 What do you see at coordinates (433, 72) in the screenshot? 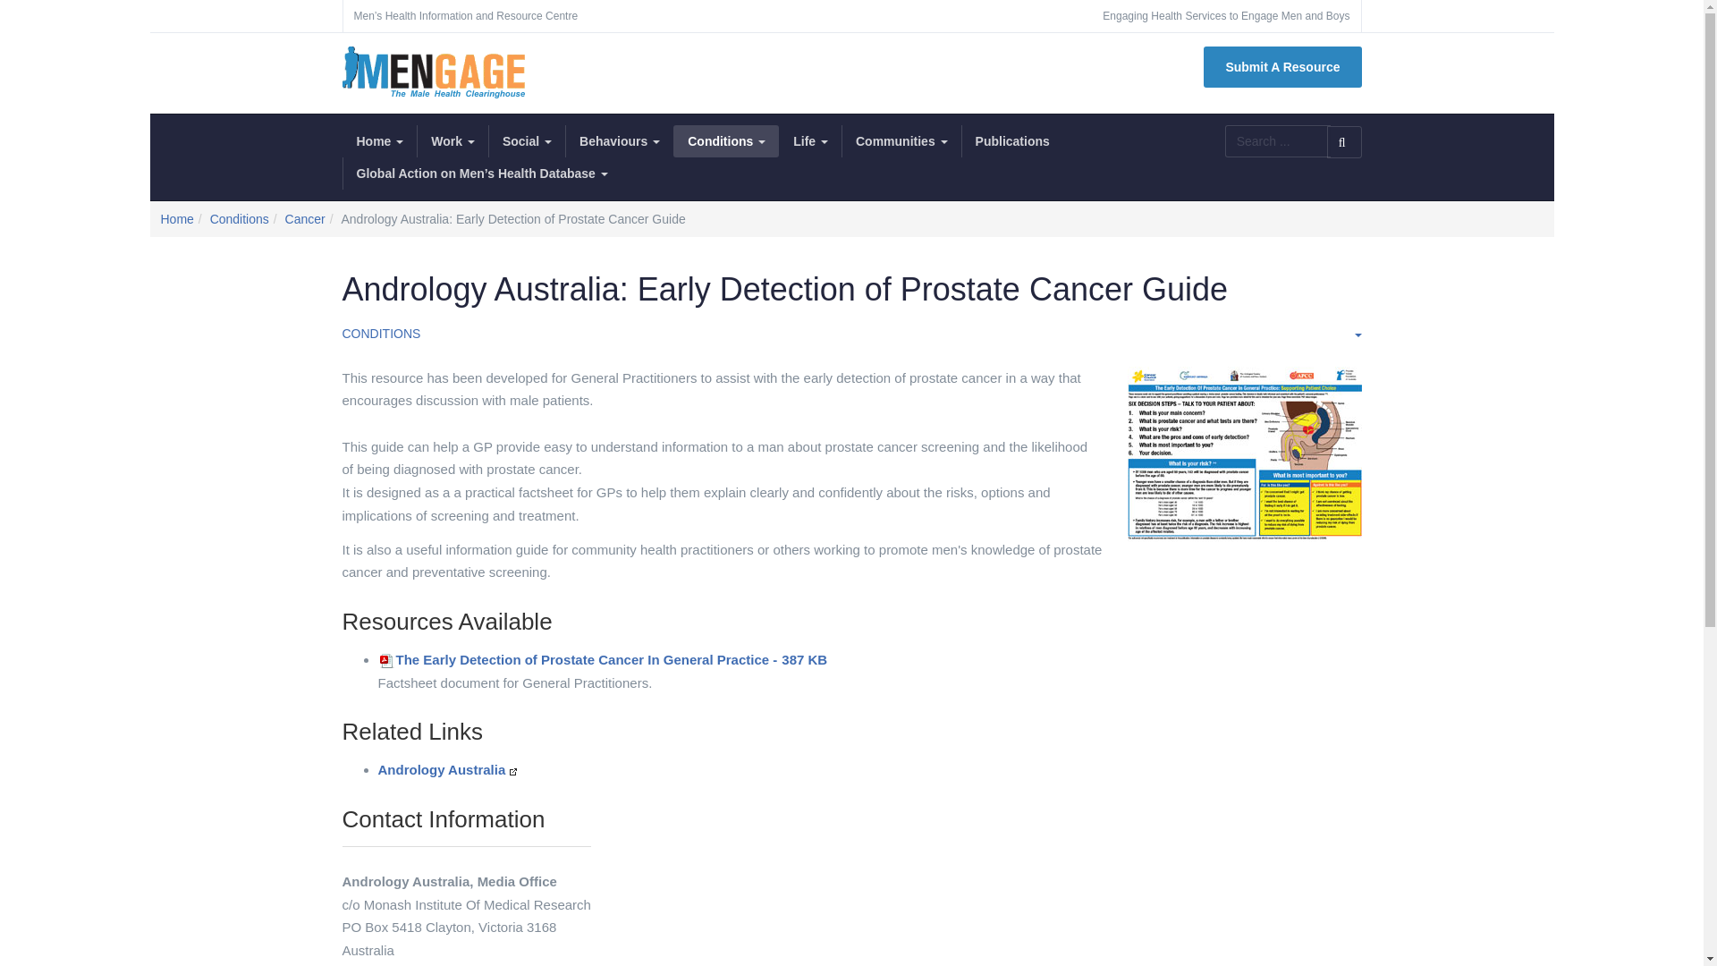
I see `'Mengage'` at bounding box center [433, 72].